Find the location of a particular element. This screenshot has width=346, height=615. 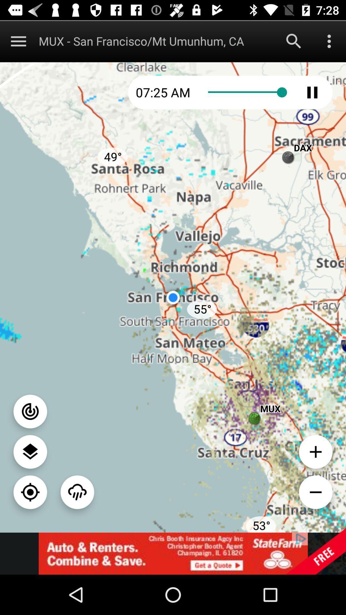

minimize is located at coordinates (315, 492).